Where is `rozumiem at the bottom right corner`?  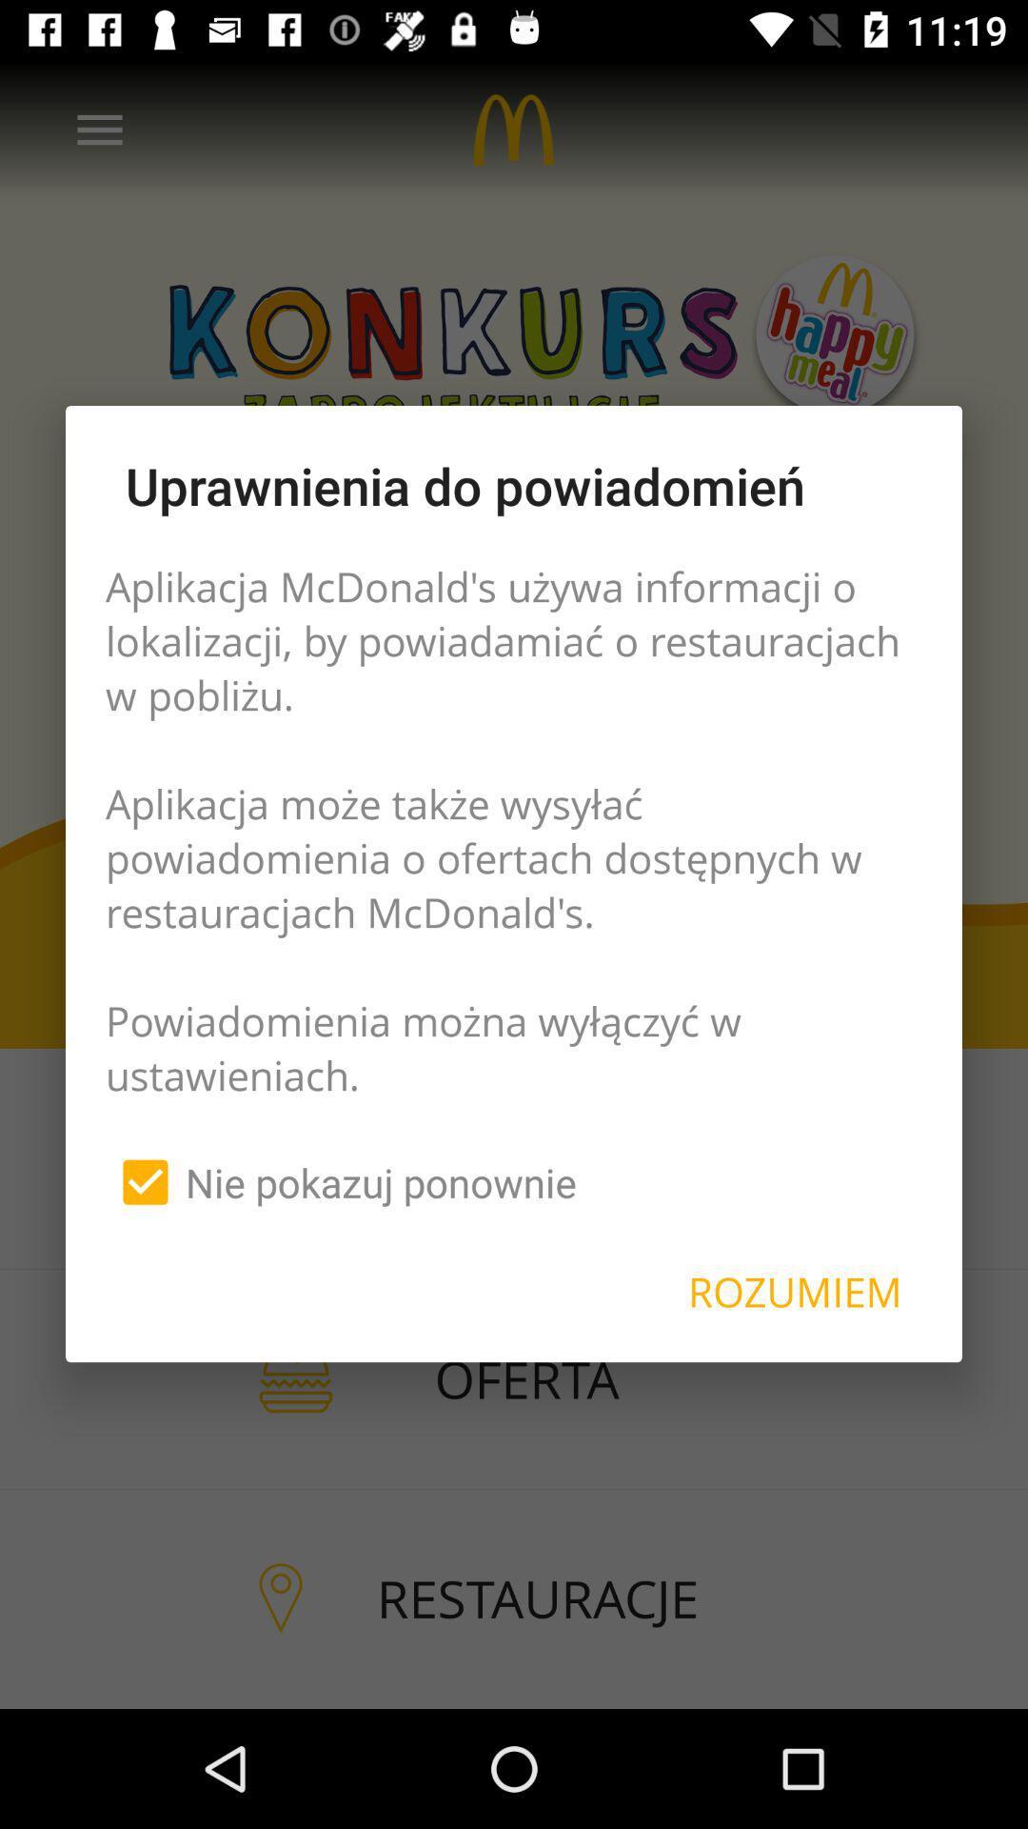 rozumiem at the bottom right corner is located at coordinates (795, 1292).